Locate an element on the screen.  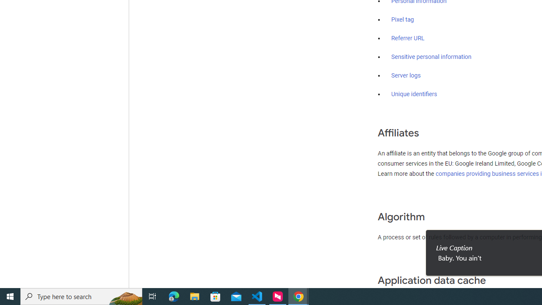
'Sensitive personal information' is located at coordinates (431, 57).